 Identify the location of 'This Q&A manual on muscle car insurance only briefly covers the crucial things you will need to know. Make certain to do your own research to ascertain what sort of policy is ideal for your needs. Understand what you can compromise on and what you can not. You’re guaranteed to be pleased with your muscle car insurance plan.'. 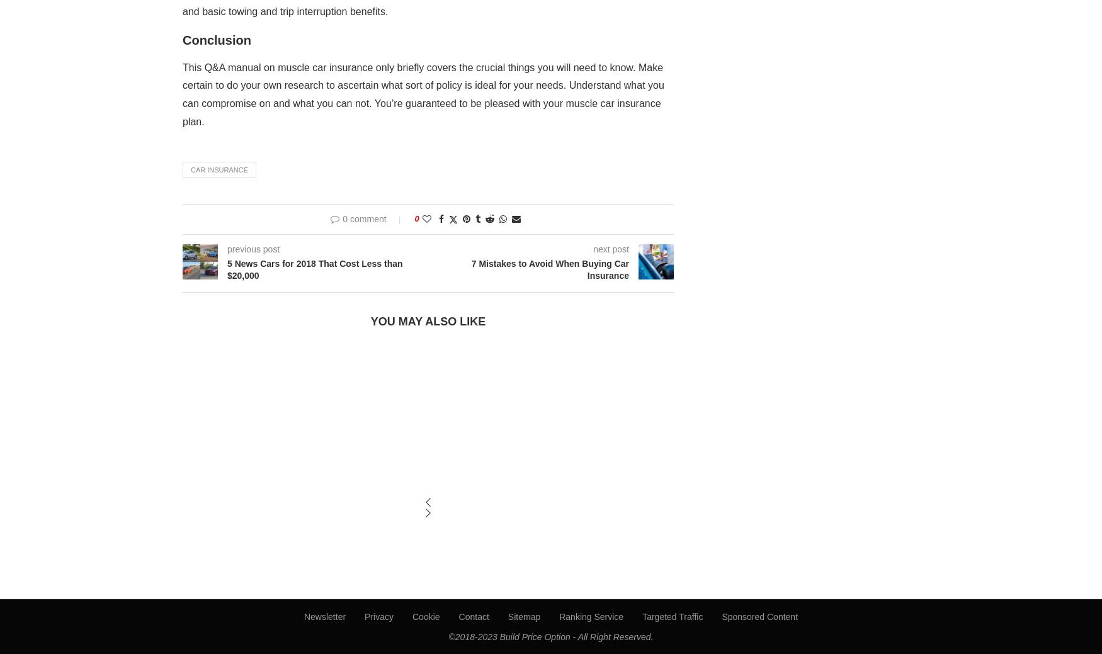
(423, 93).